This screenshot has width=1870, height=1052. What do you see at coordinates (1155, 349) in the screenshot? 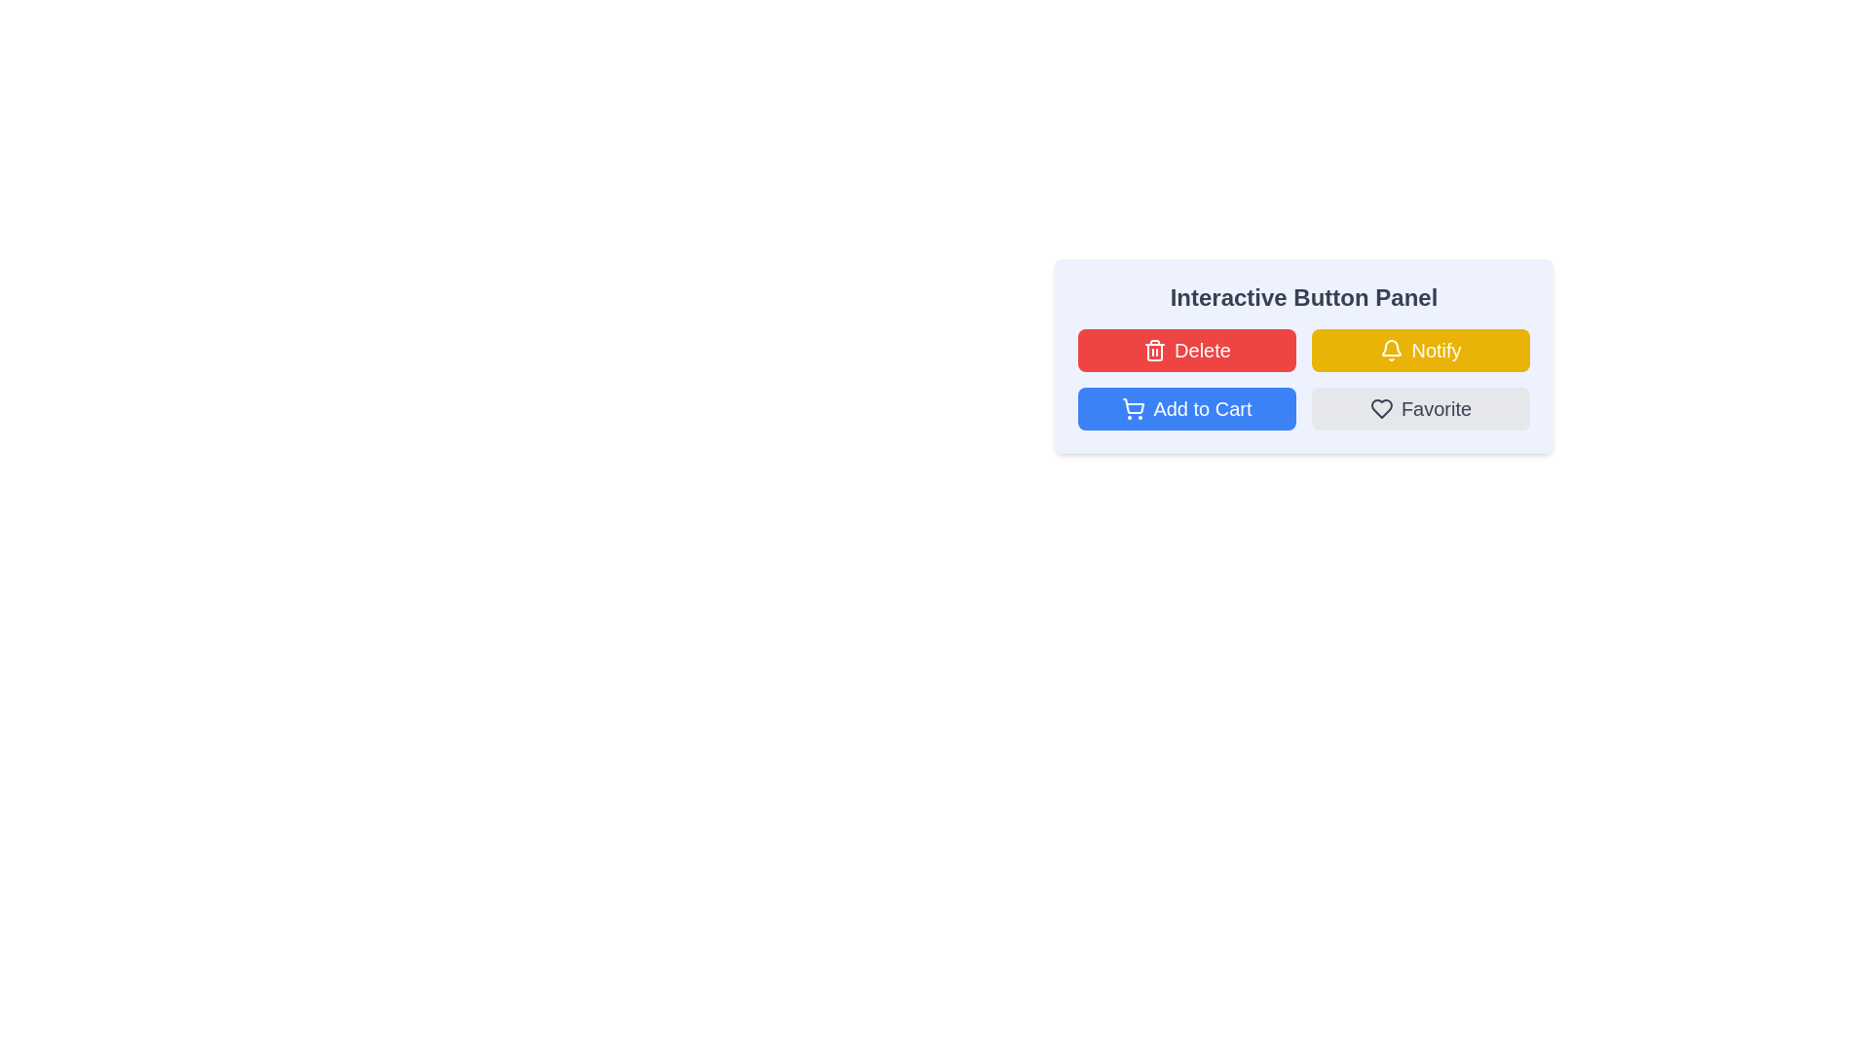
I see `the deletion icon located on the left side of the 'Delete' button within the 'Interactive Button Panel'` at bounding box center [1155, 349].